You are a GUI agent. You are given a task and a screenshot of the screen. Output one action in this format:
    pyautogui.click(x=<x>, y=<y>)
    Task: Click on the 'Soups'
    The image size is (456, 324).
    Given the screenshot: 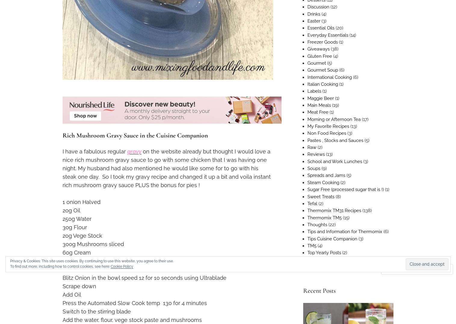 What is the action you would take?
    pyautogui.click(x=313, y=168)
    